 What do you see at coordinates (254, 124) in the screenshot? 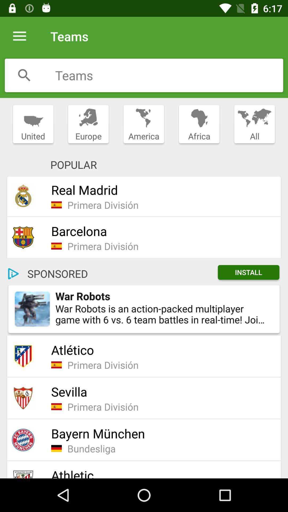
I see `icon next to africa item` at bounding box center [254, 124].